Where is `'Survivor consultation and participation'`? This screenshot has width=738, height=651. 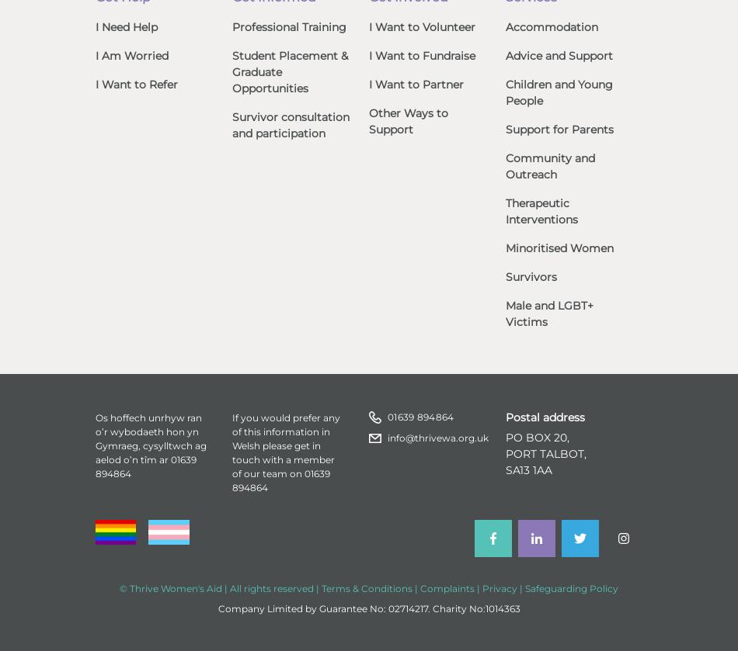 'Survivor consultation and participation' is located at coordinates (231, 124).